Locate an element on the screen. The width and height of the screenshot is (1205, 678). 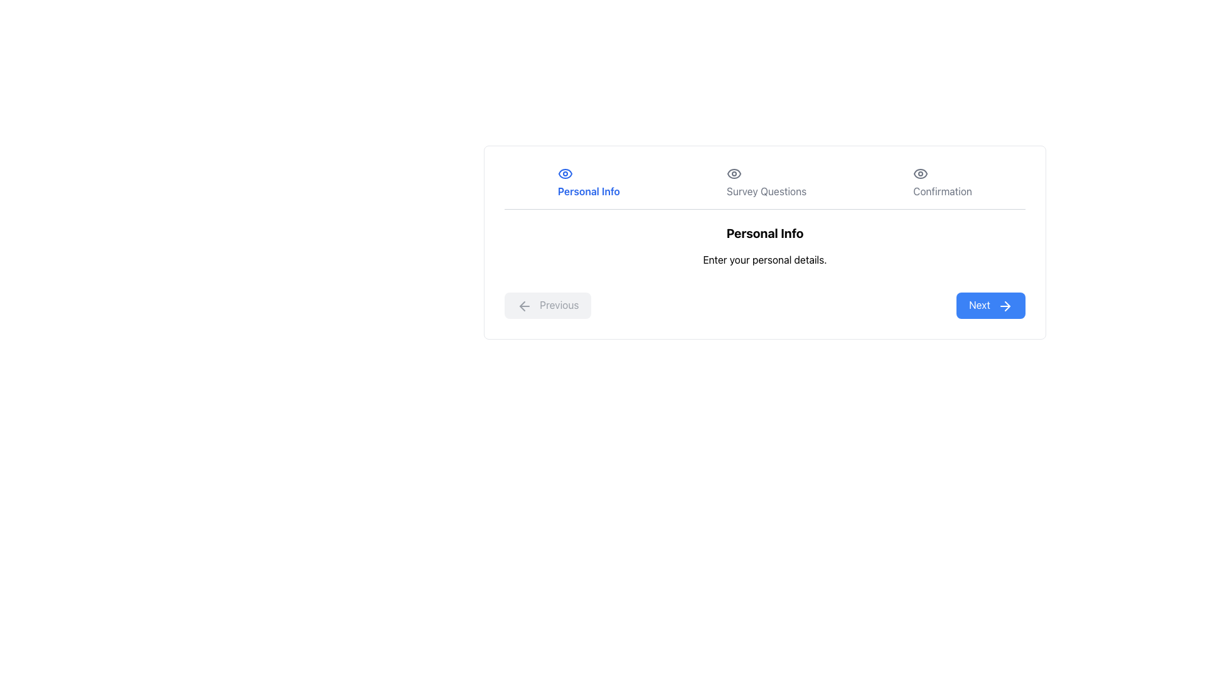
the 'Next' button with a blue background and white text, which is the second button in a horizontal group is located at coordinates (990, 305).